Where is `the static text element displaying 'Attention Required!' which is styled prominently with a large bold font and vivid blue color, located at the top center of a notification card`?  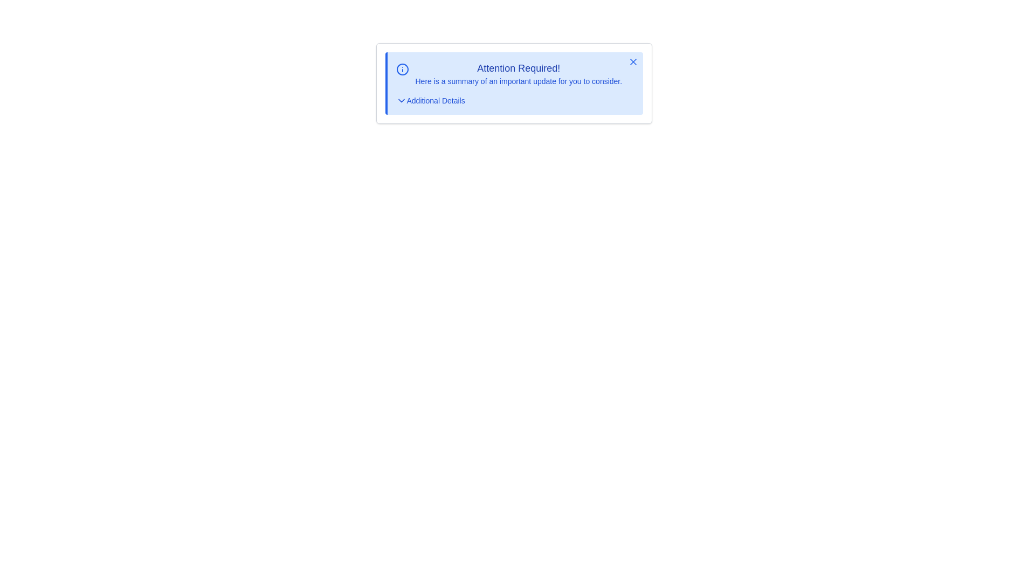 the static text element displaying 'Attention Required!' which is styled prominently with a large bold font and vivid blue color, located at the top center of a notification card is located at coordinates (519, 68).